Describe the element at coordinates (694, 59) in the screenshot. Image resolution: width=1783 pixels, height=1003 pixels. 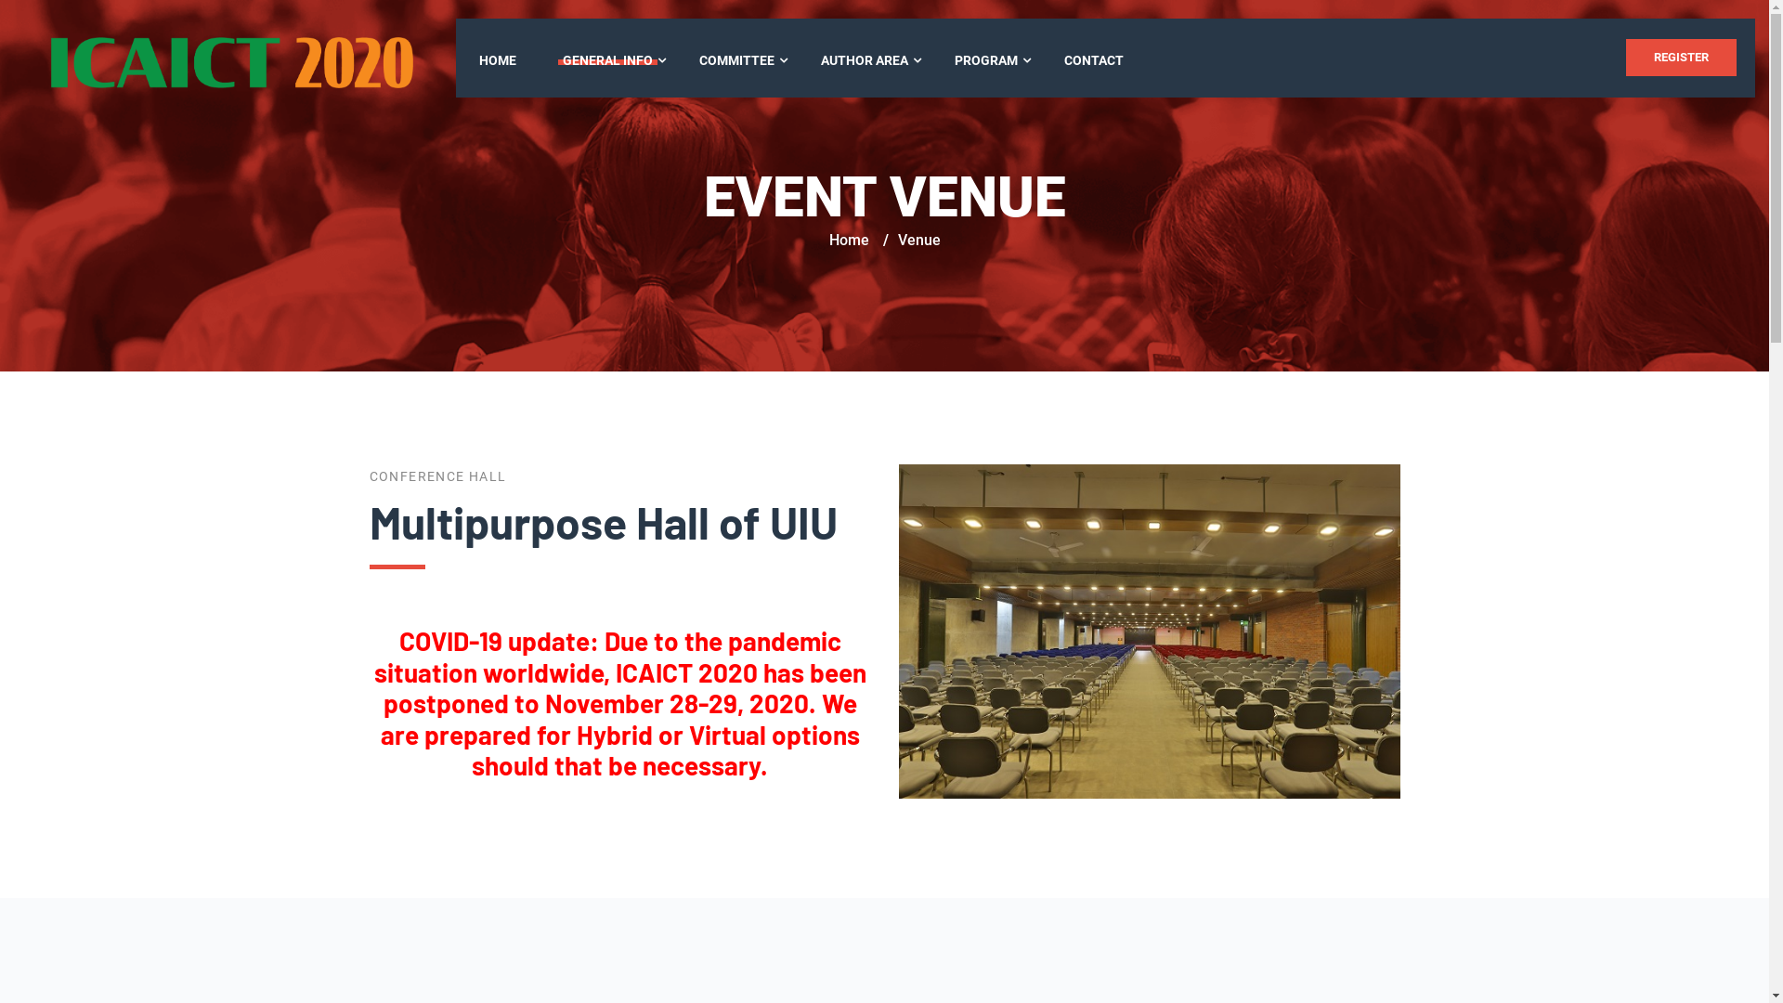
I see `'COMMITTEE'` at that location.